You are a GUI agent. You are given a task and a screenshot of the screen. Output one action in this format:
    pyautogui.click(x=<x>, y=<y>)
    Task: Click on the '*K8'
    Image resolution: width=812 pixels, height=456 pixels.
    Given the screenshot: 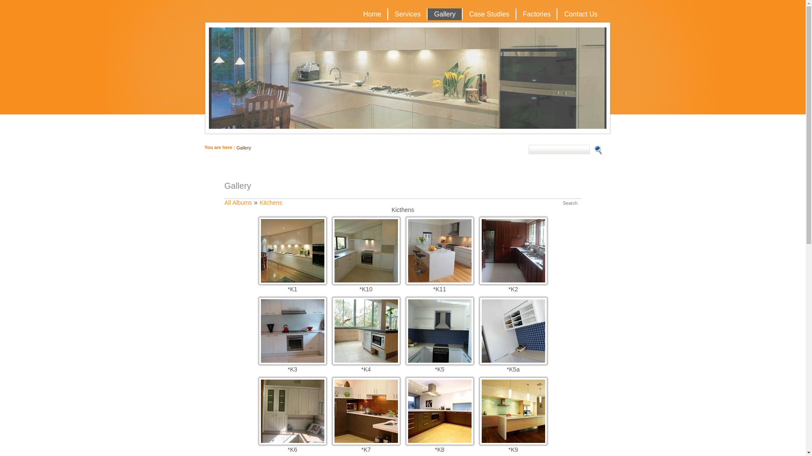 What is the action you would take?
    pyautogui.click(x=406, y=442)
    